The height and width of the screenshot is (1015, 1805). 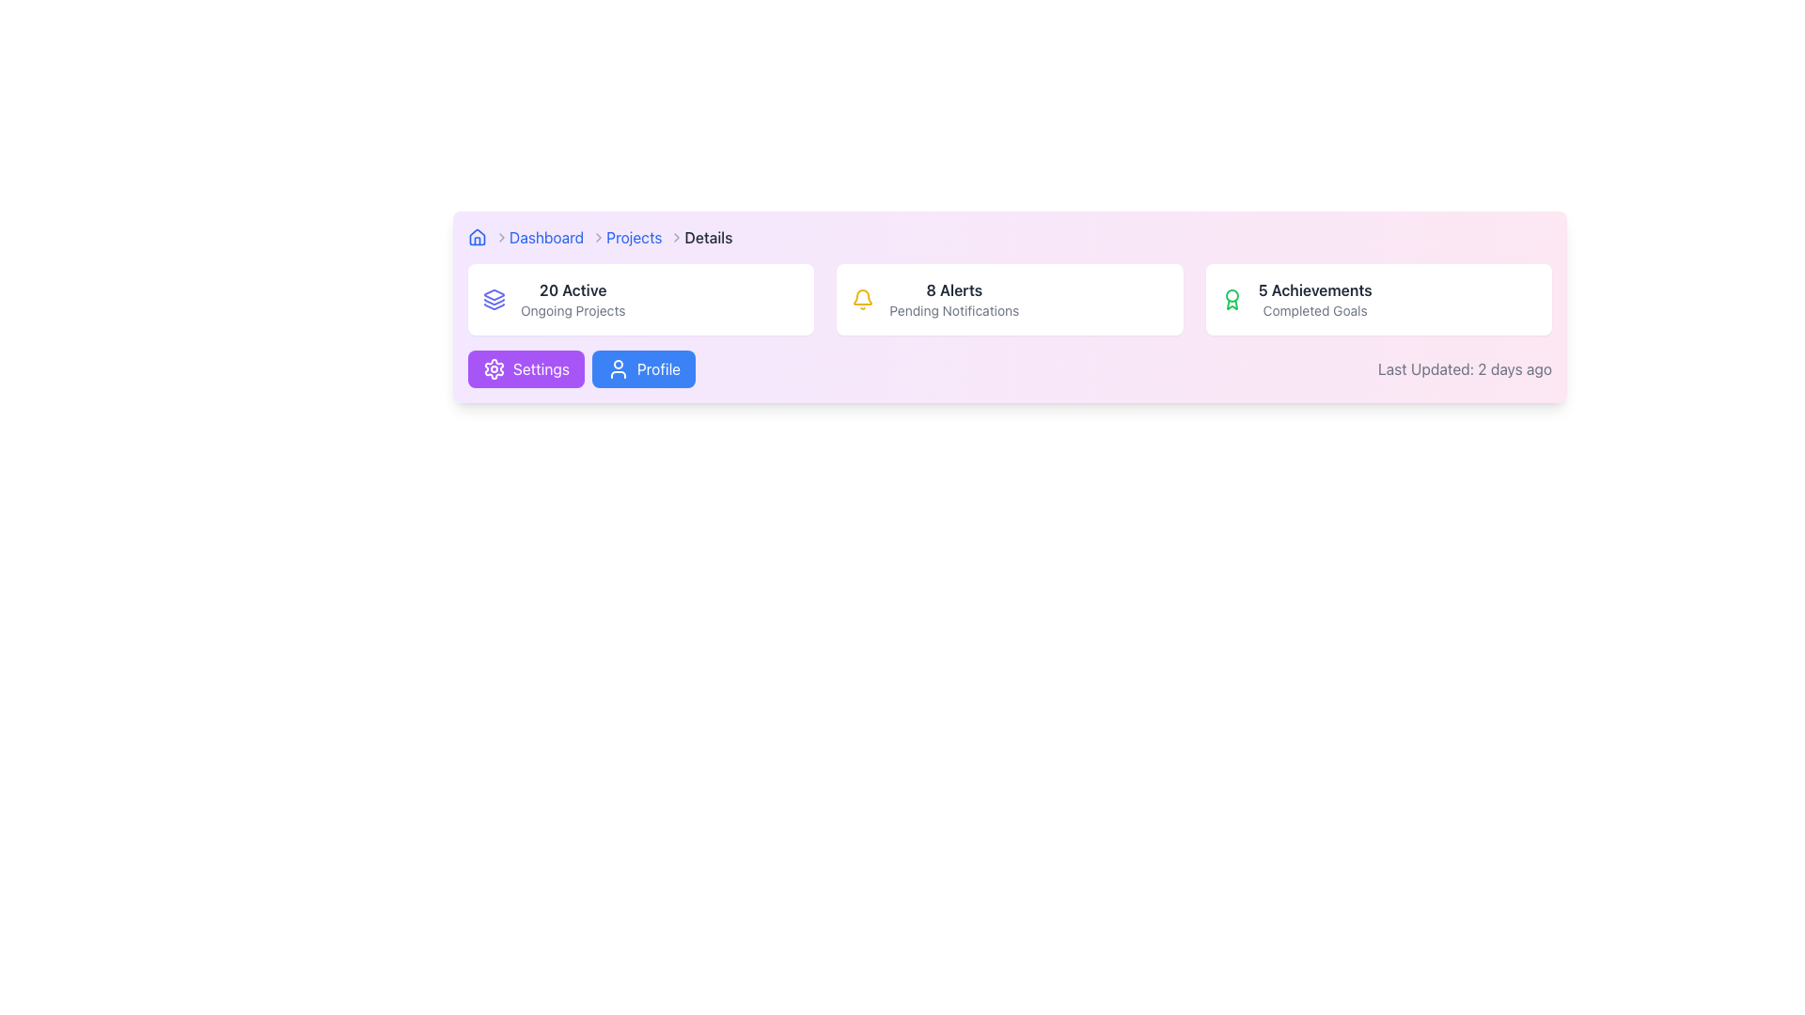 What do you see at coordinates (1232, 296) in the screenshot?
I see `circular decorative graphical element in the SVG icon that represents achievements, located at the center of the icon next to the '5 Achievements' text` at bounding box center [1232, 296].